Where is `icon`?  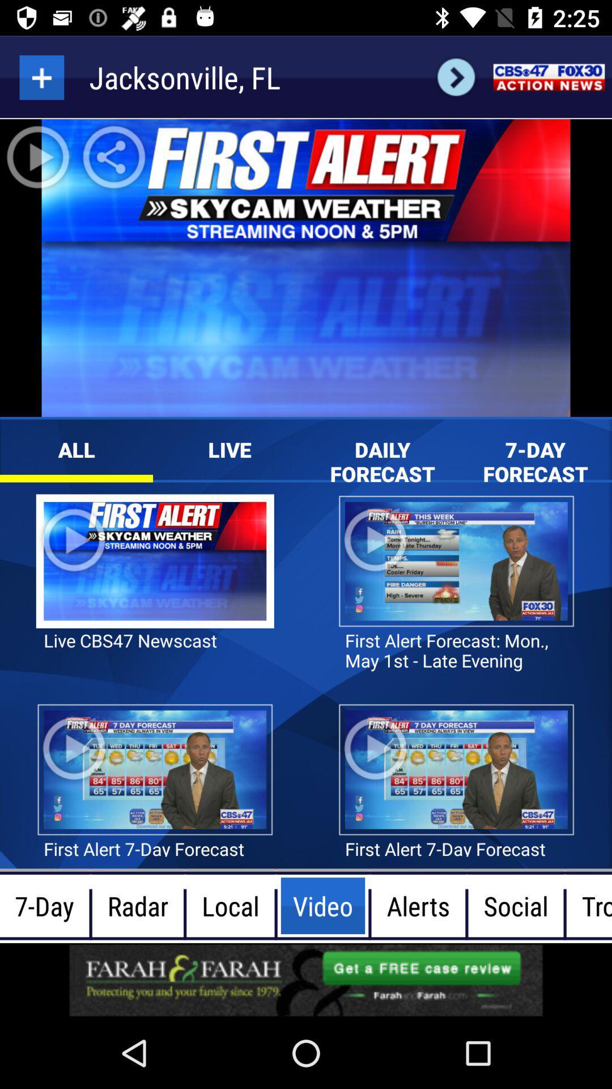
icon is located at coordinates (41, 77).